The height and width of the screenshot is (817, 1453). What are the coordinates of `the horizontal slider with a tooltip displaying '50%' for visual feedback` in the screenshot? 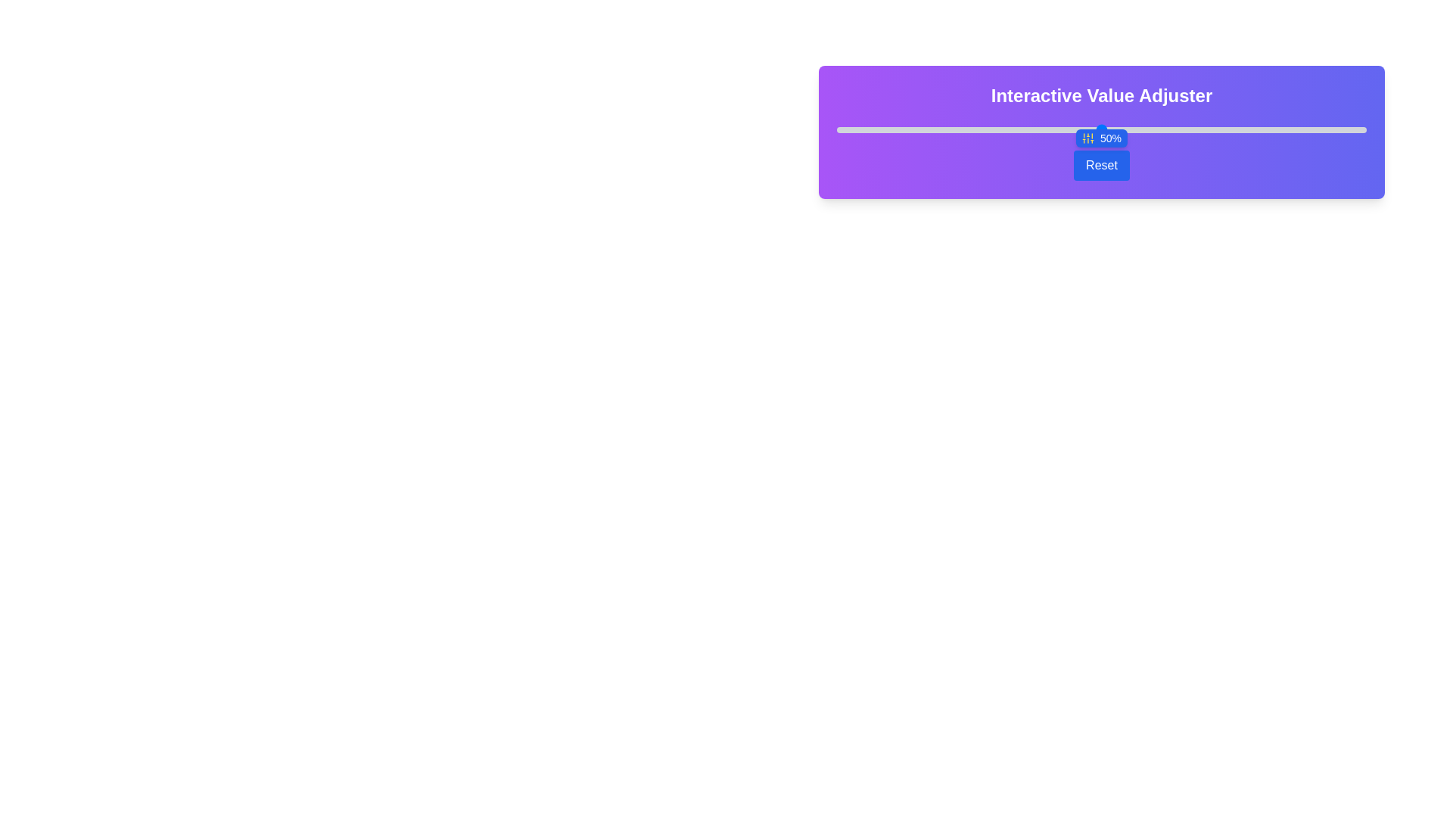 It's located at (1101, 128).